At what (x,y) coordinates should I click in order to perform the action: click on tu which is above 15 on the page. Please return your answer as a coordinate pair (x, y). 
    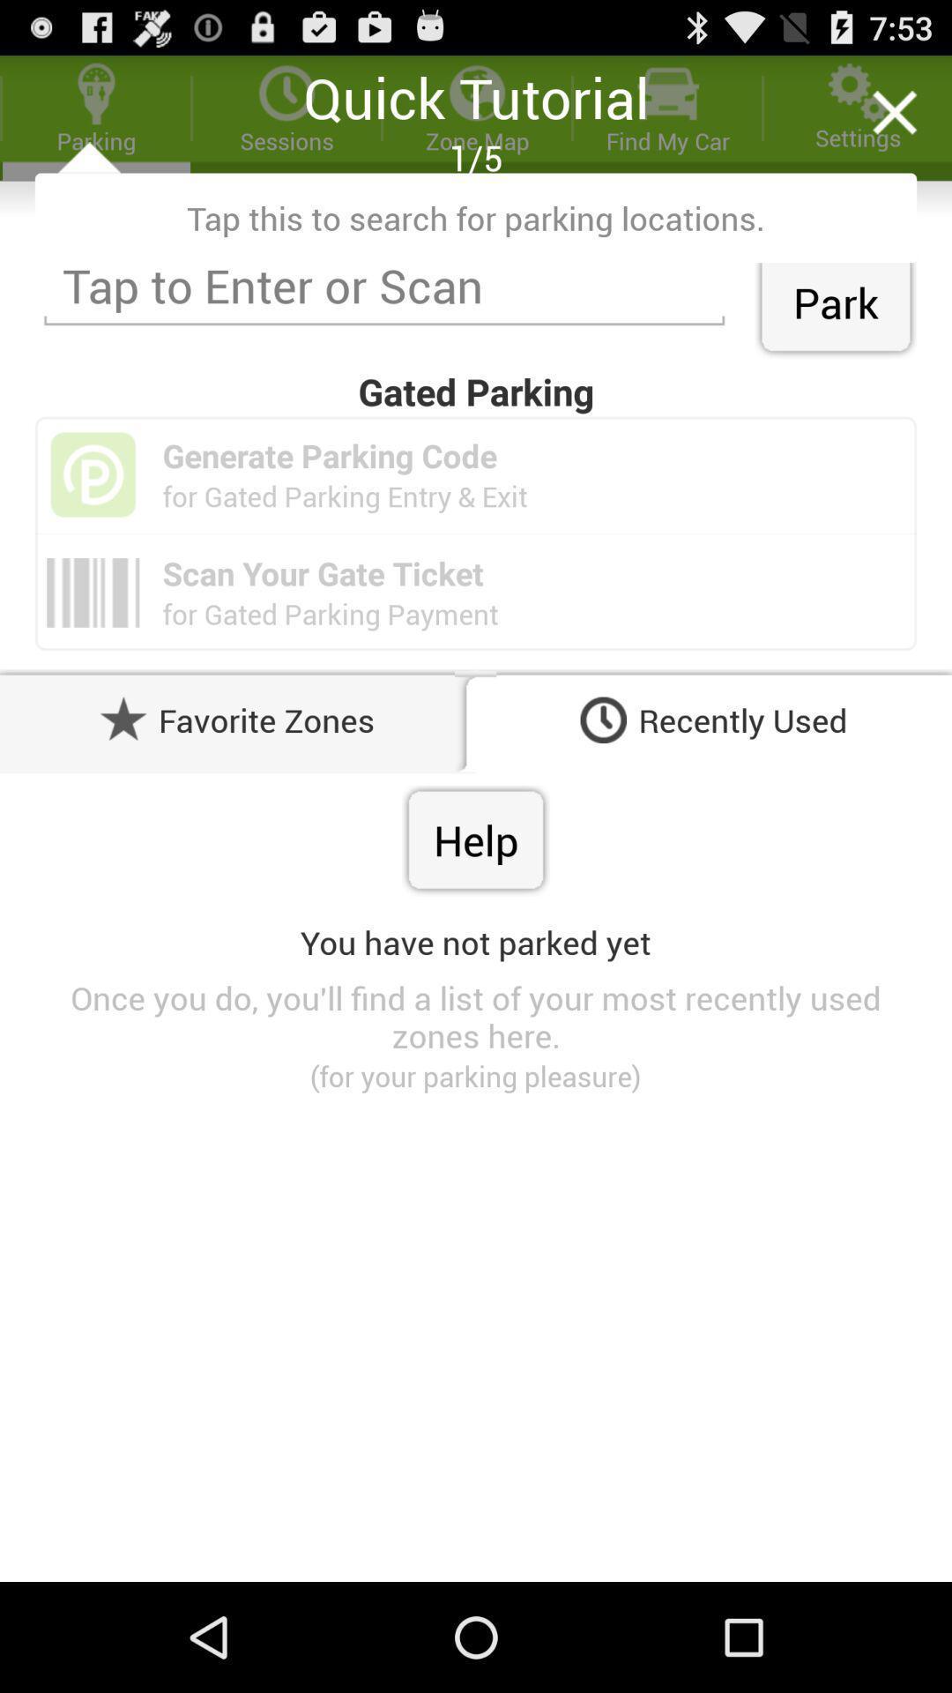
    Looking at the image, I should click on (477, 92).